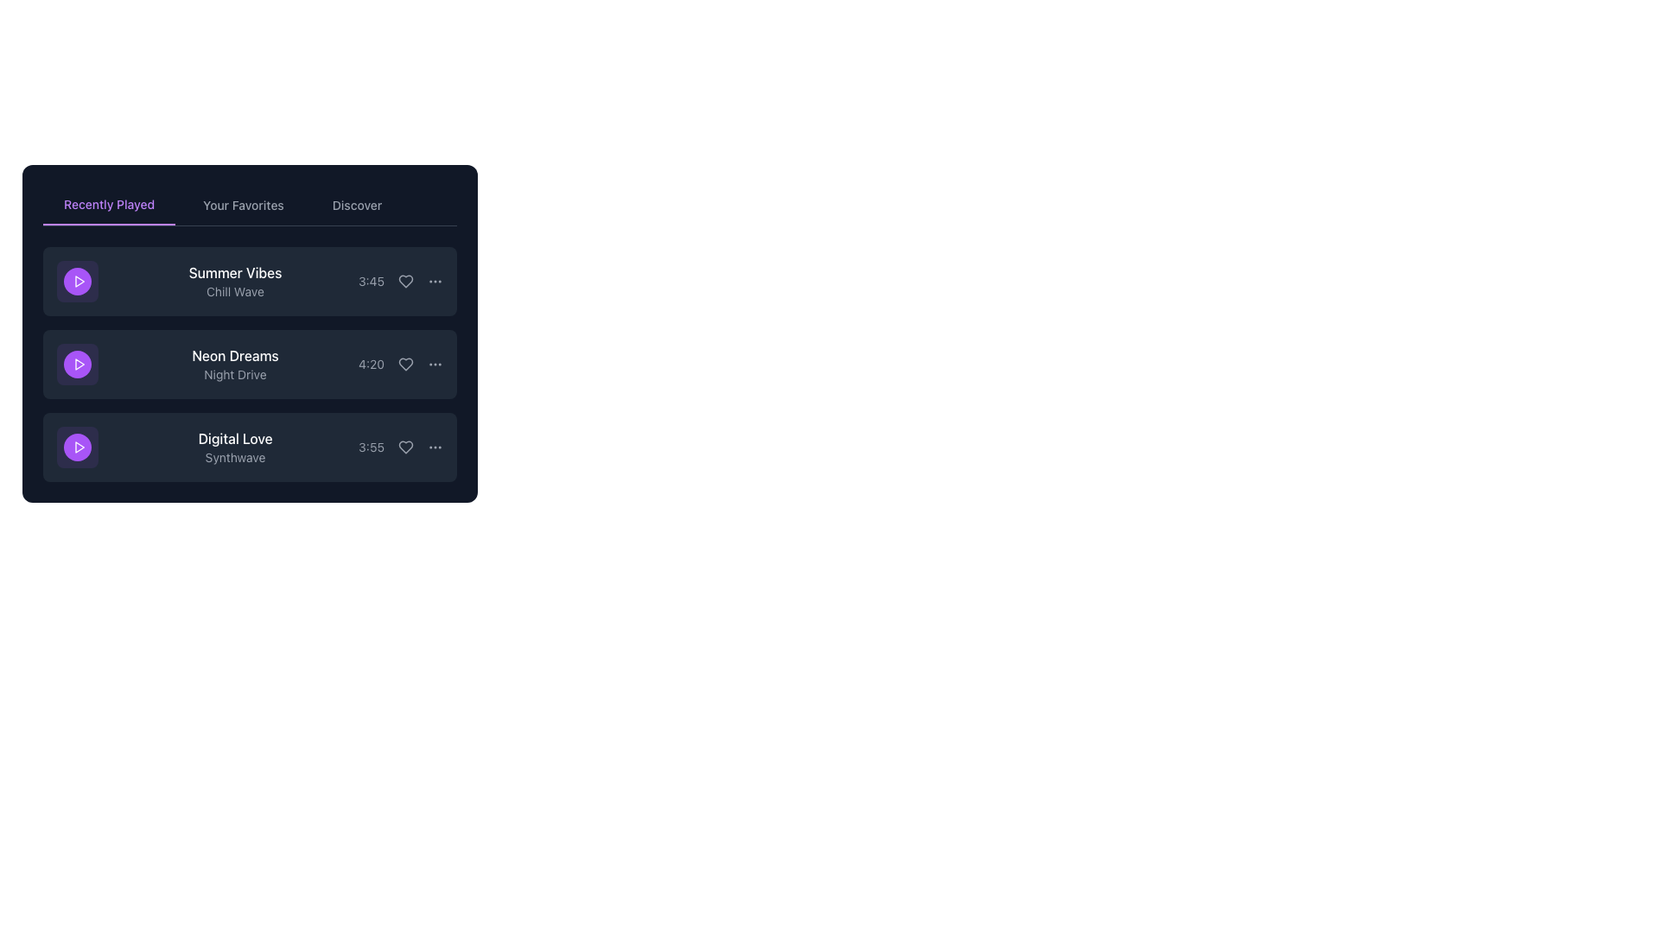  What do you see at coordinates (234, 456) in the screenshot?
I see `the text label displaying 'Synthwave', which is styled in gray and located below the title 'Digital Love' in the third row of the playlist section` at bounding box center [234, 456].